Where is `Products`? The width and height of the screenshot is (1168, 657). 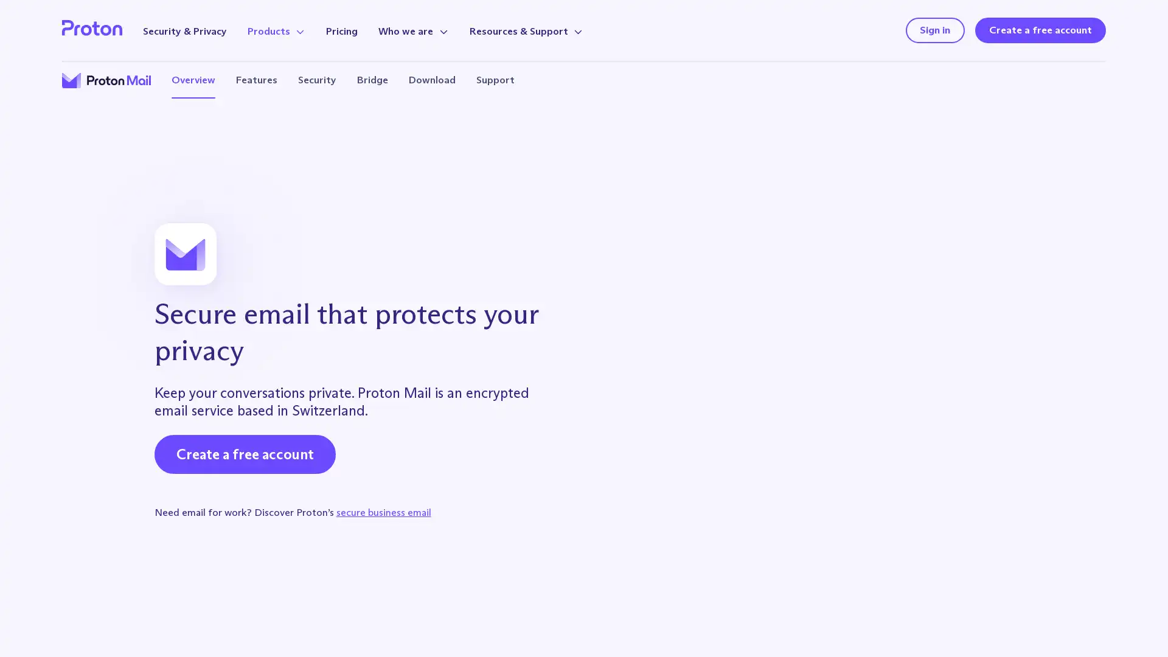
Products is located at coordinates (276, 30).